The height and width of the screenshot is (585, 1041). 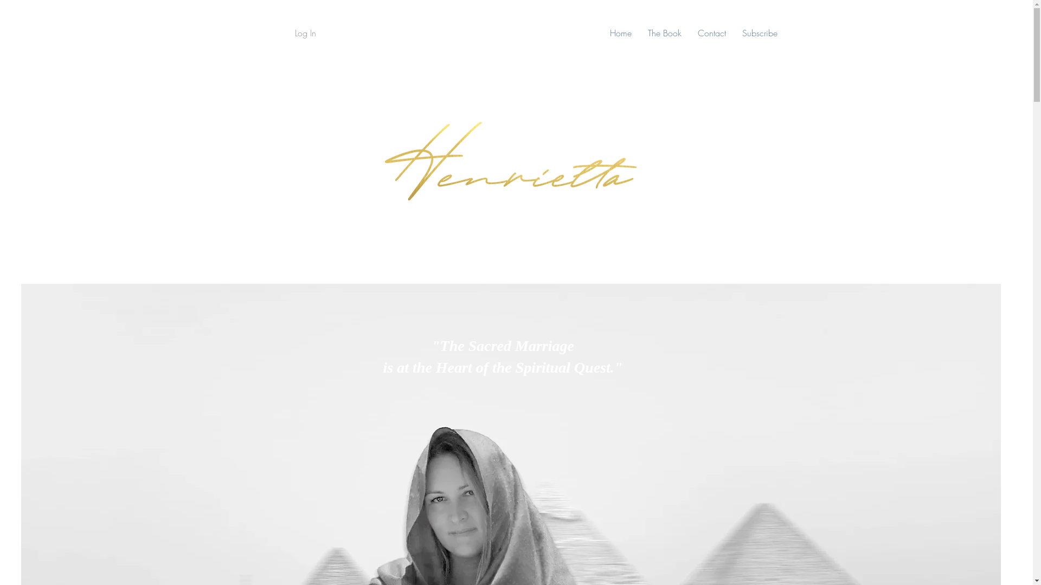 What do you see at coordinates (294, 32) in the screenshot?
I see `'Log In'` at bounding box center [294, 32].